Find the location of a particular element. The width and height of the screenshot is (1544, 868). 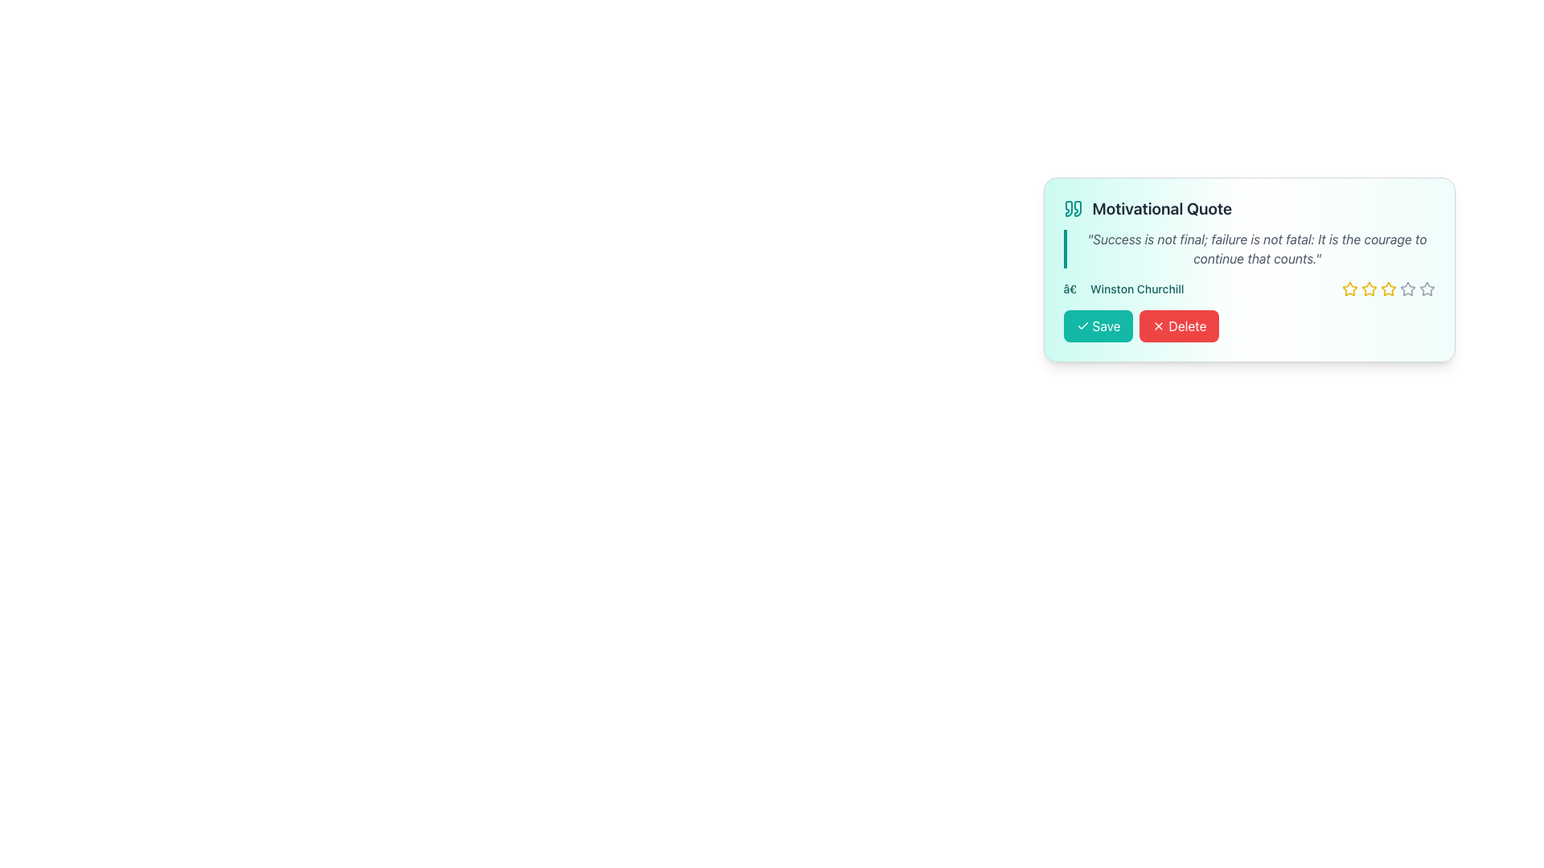

the Text Label that attributes a quote to Winston Churchill, located below the quote text and slightly to the left of a star rating component is located at coordinates (1123, 288).